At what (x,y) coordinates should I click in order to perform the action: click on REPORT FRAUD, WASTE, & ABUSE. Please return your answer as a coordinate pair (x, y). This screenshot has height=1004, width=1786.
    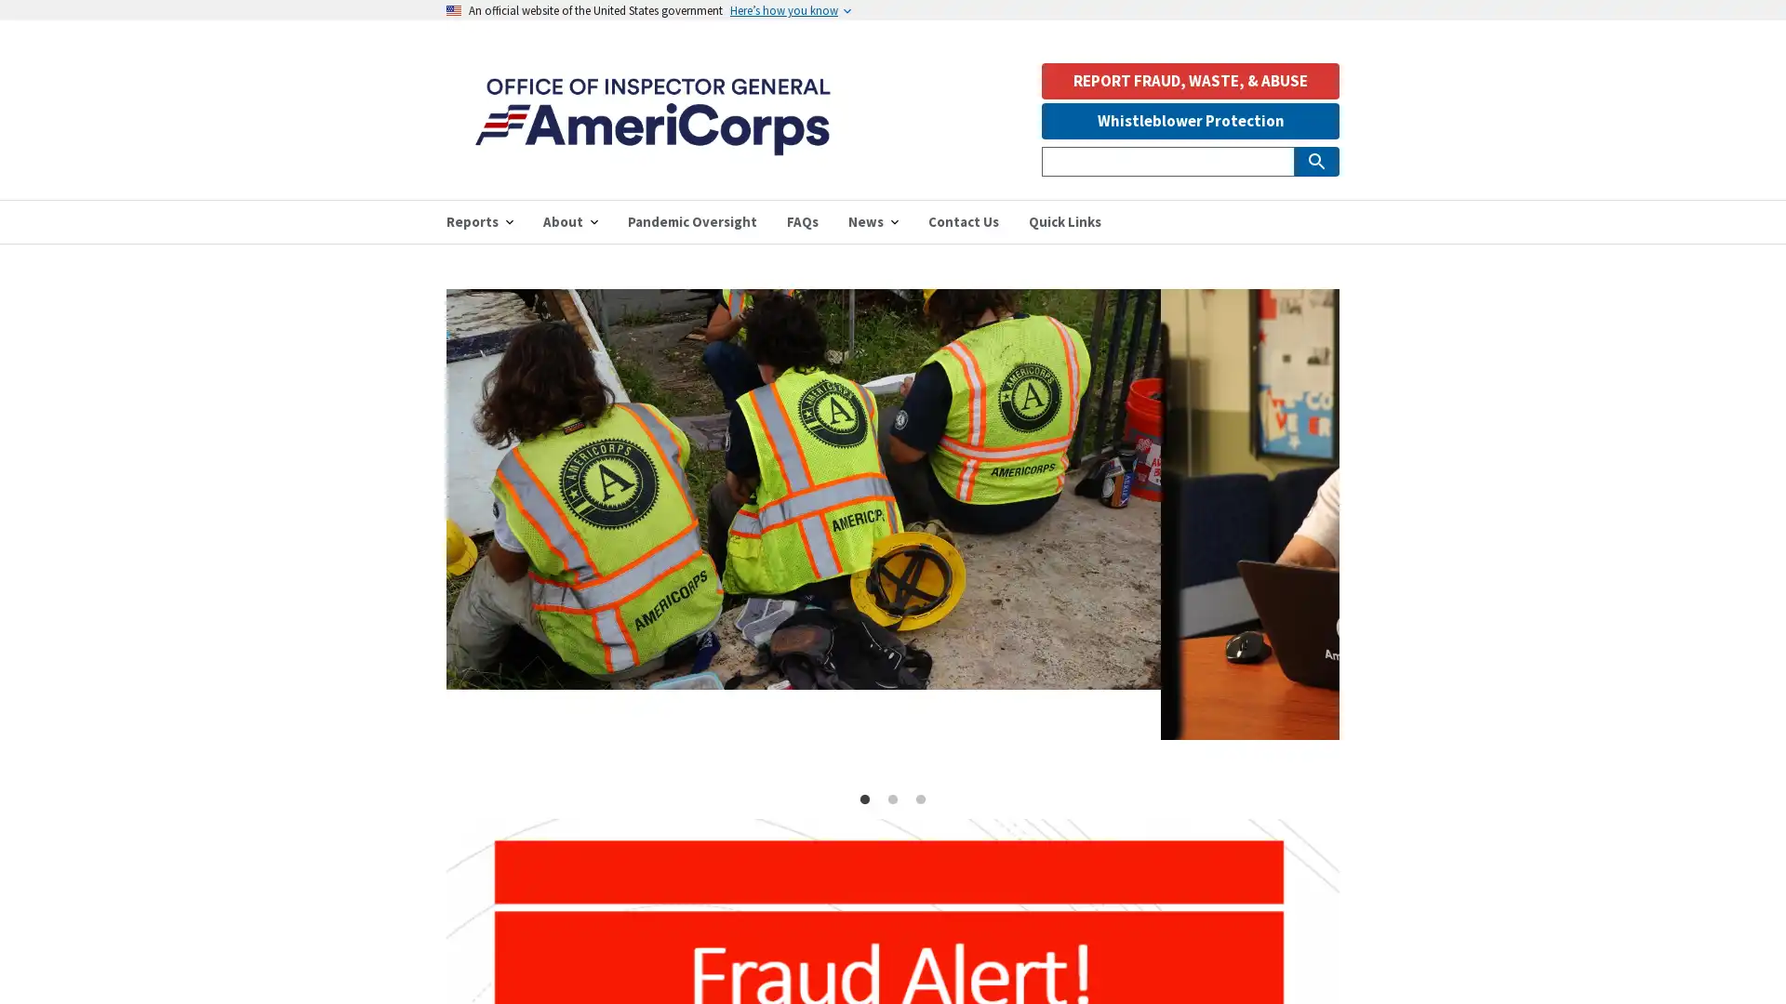
    Looking at the image, I should click on (1191, 80).